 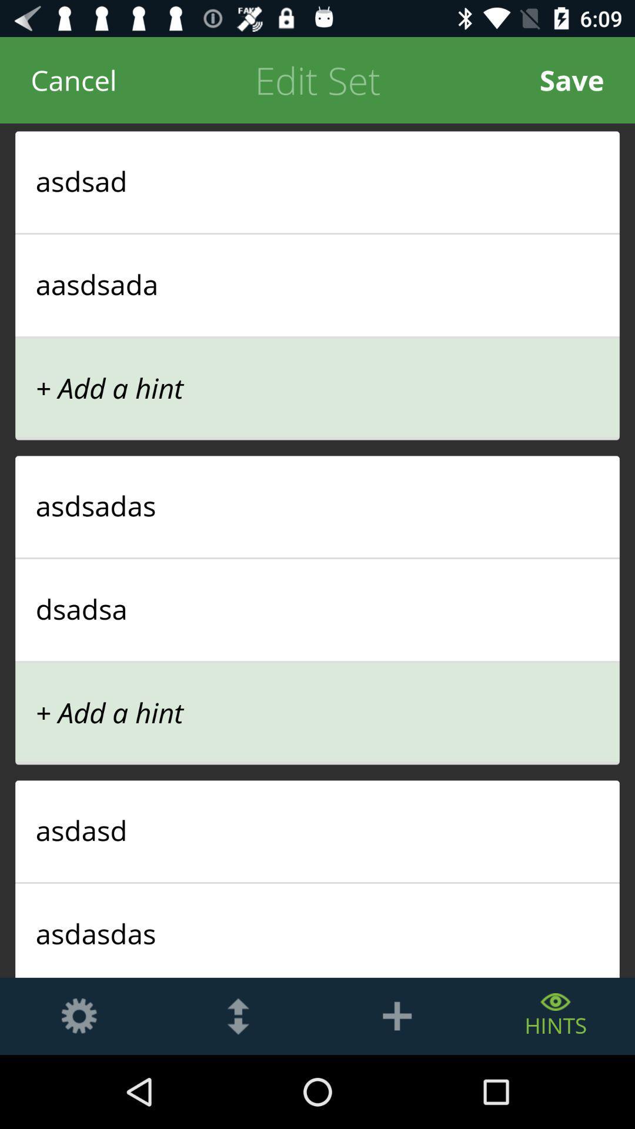 I want to click on item next to the edit set icon, so click(x=571, y=79).